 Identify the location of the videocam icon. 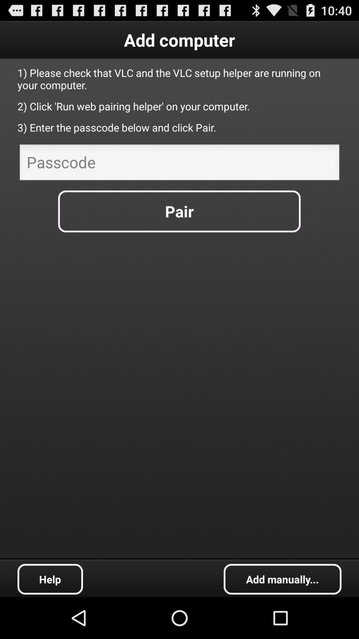
(283, 619).